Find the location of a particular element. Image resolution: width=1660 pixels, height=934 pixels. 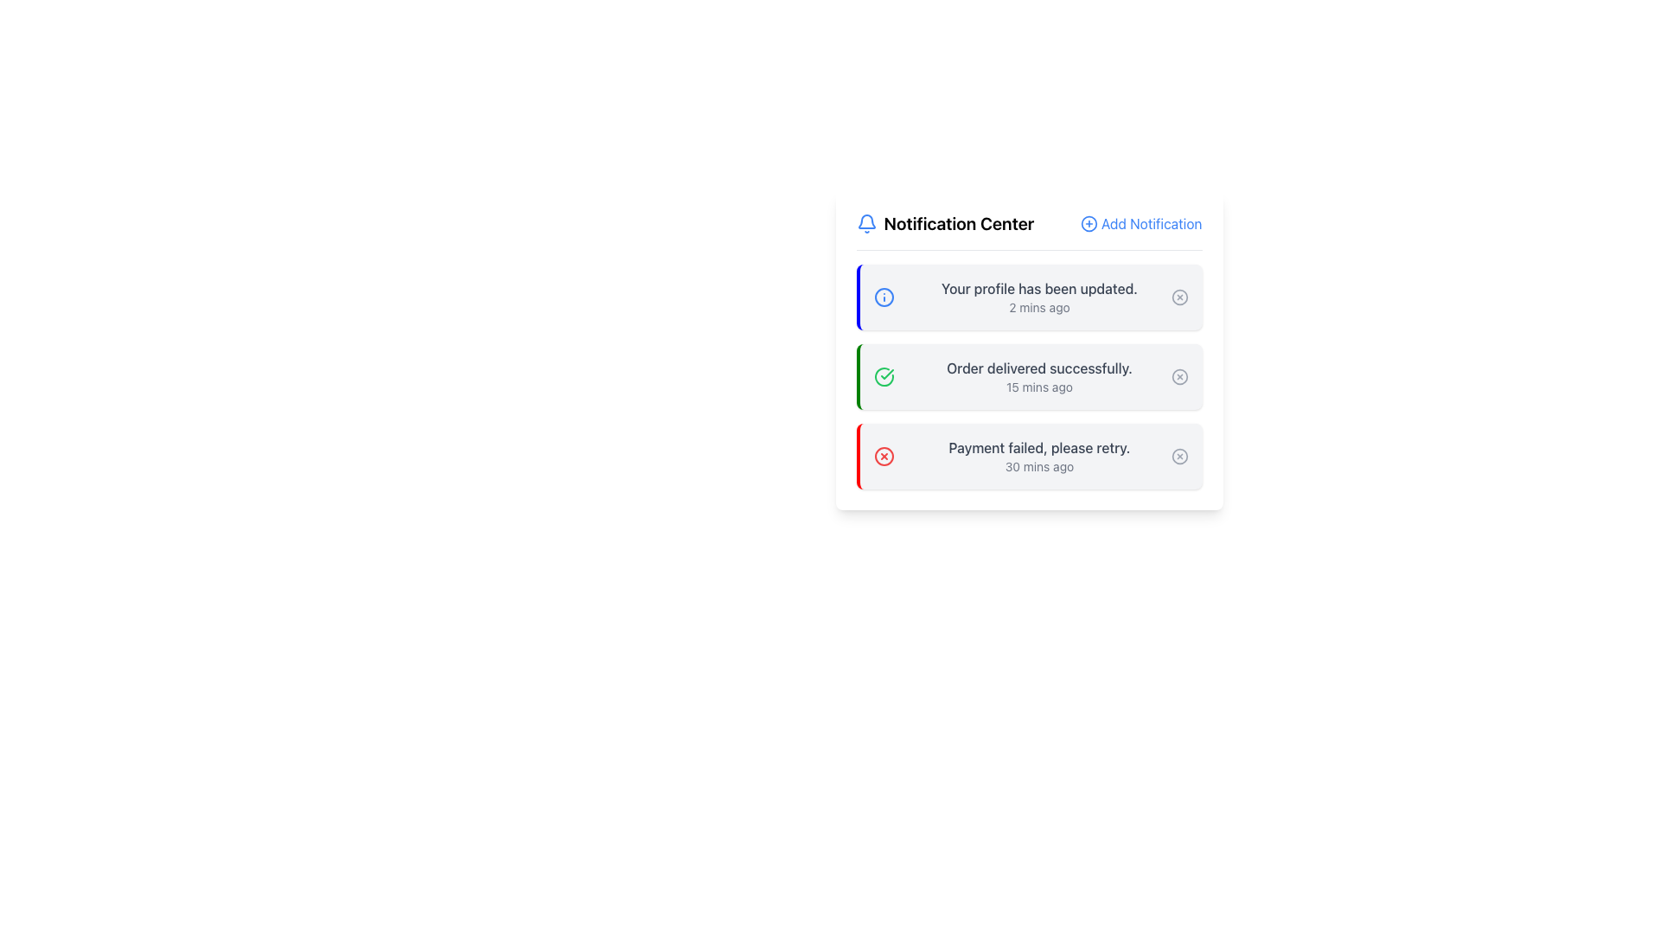

the circular graphical element with no fill and an outlined stroke, part of the crossed circle icon in the second notification item of the Notification Center, indicating a successful delivery update is located at coordinates (1178, 375).